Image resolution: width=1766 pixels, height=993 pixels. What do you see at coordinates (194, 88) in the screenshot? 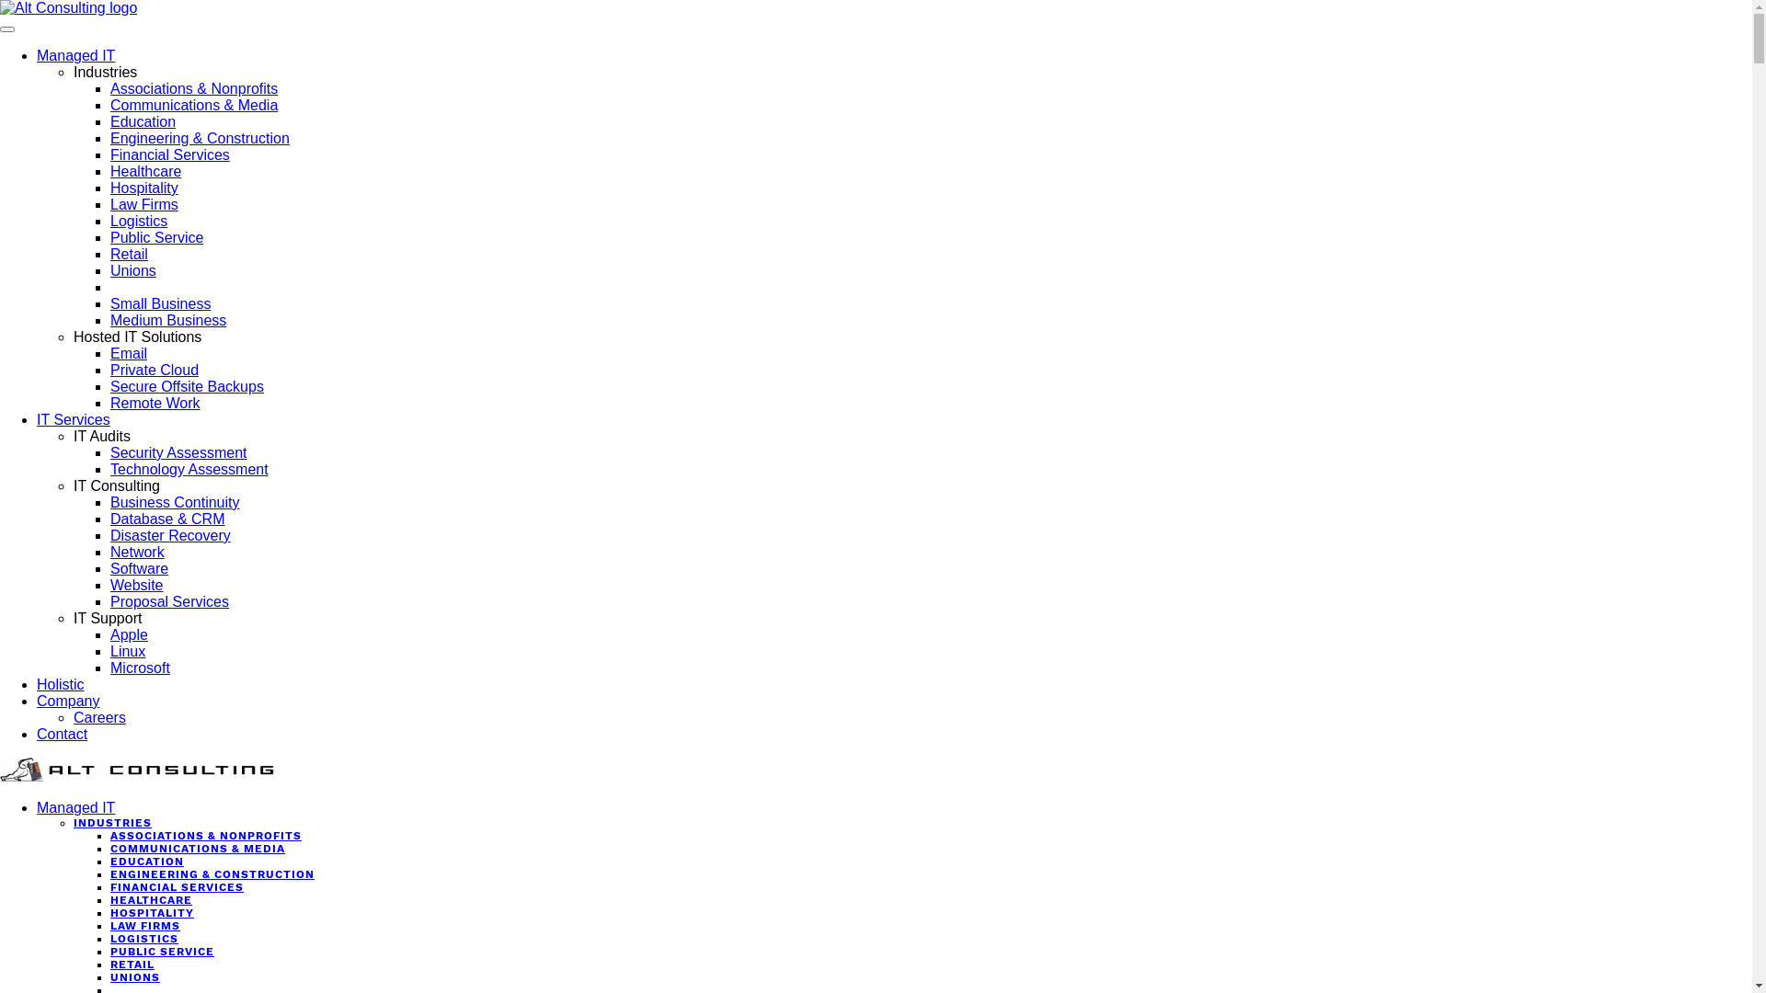
I see `'Associations & Nonprofits'` at bounding box center [194, 88].